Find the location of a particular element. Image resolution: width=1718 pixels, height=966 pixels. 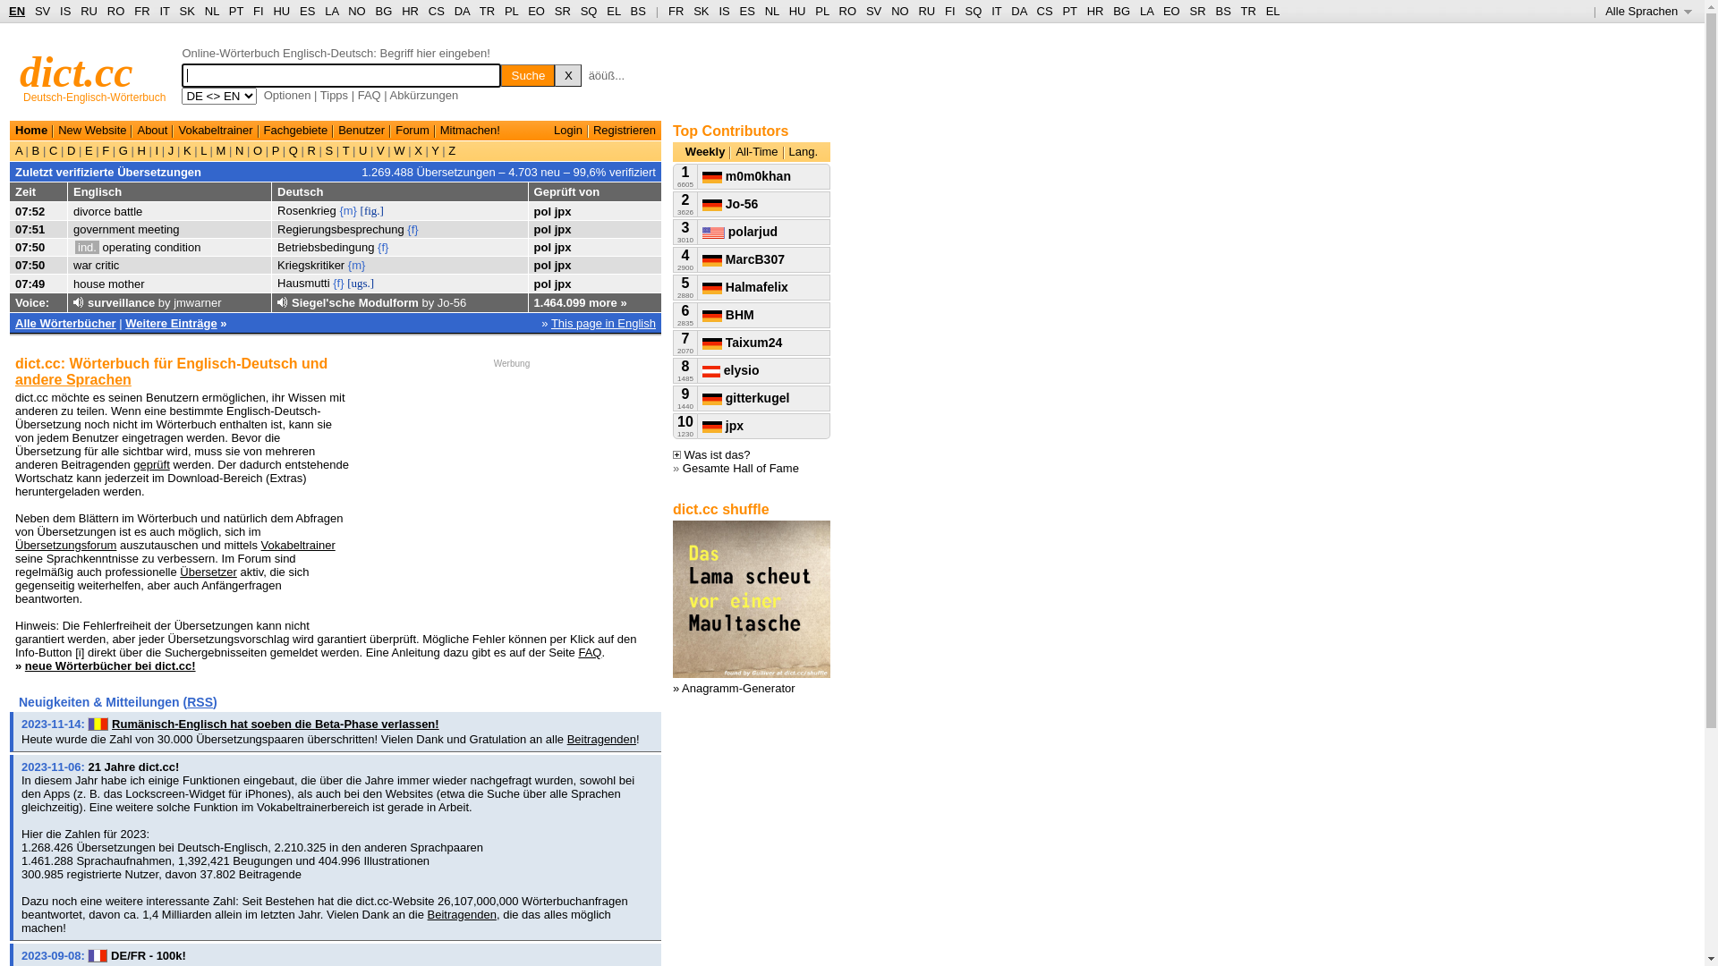

'RU' is located at coordinates (80, 11).